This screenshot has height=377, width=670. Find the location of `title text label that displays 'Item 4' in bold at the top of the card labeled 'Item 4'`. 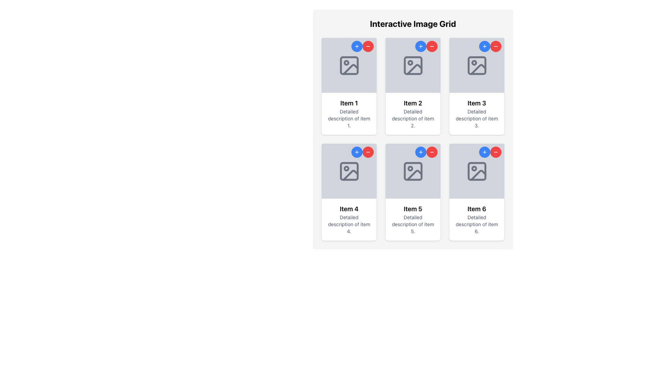

title text label that displays 'Item 4' in bold at the top of the card labeled 'Item 4' is located at coordinates (349, 208).